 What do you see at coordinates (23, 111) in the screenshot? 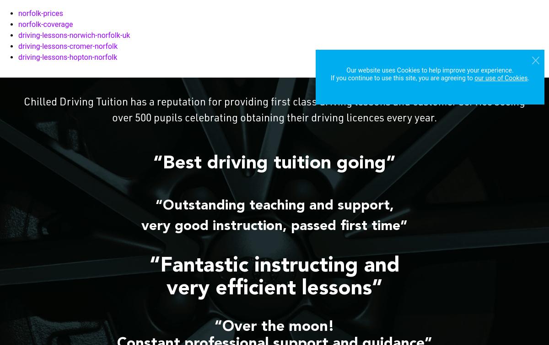
I see `'Chilled Driving Tuition has a reputation for providing first class driving lessons and customer service seeing over 500 pupils celebrating obtaining their driving licences every year.'` at bounding box center [23, 111].